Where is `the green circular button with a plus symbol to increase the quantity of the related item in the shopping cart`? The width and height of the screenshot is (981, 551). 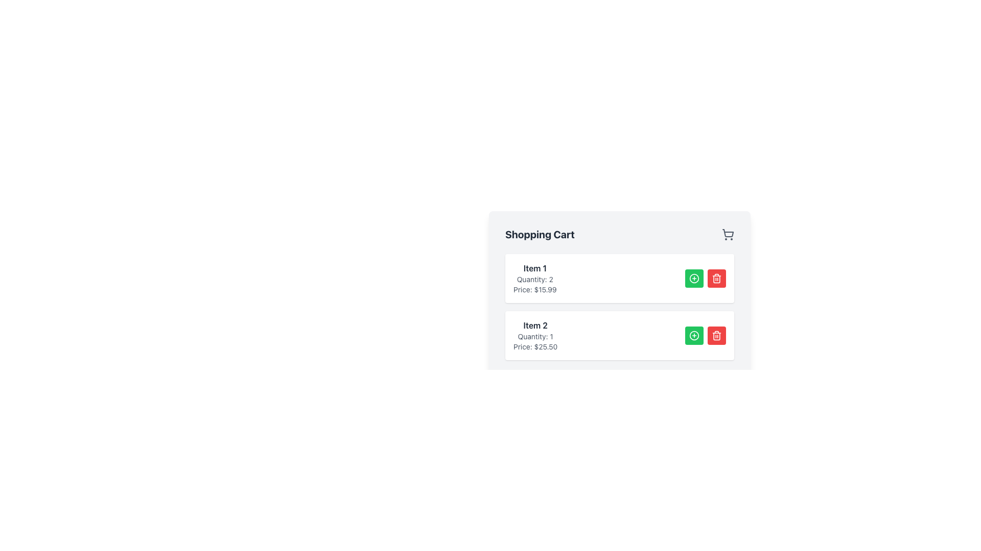
the green circular button with a plus symbol to increase the quantity of the related item in the shopping cart is located at coordinates (694, 336).